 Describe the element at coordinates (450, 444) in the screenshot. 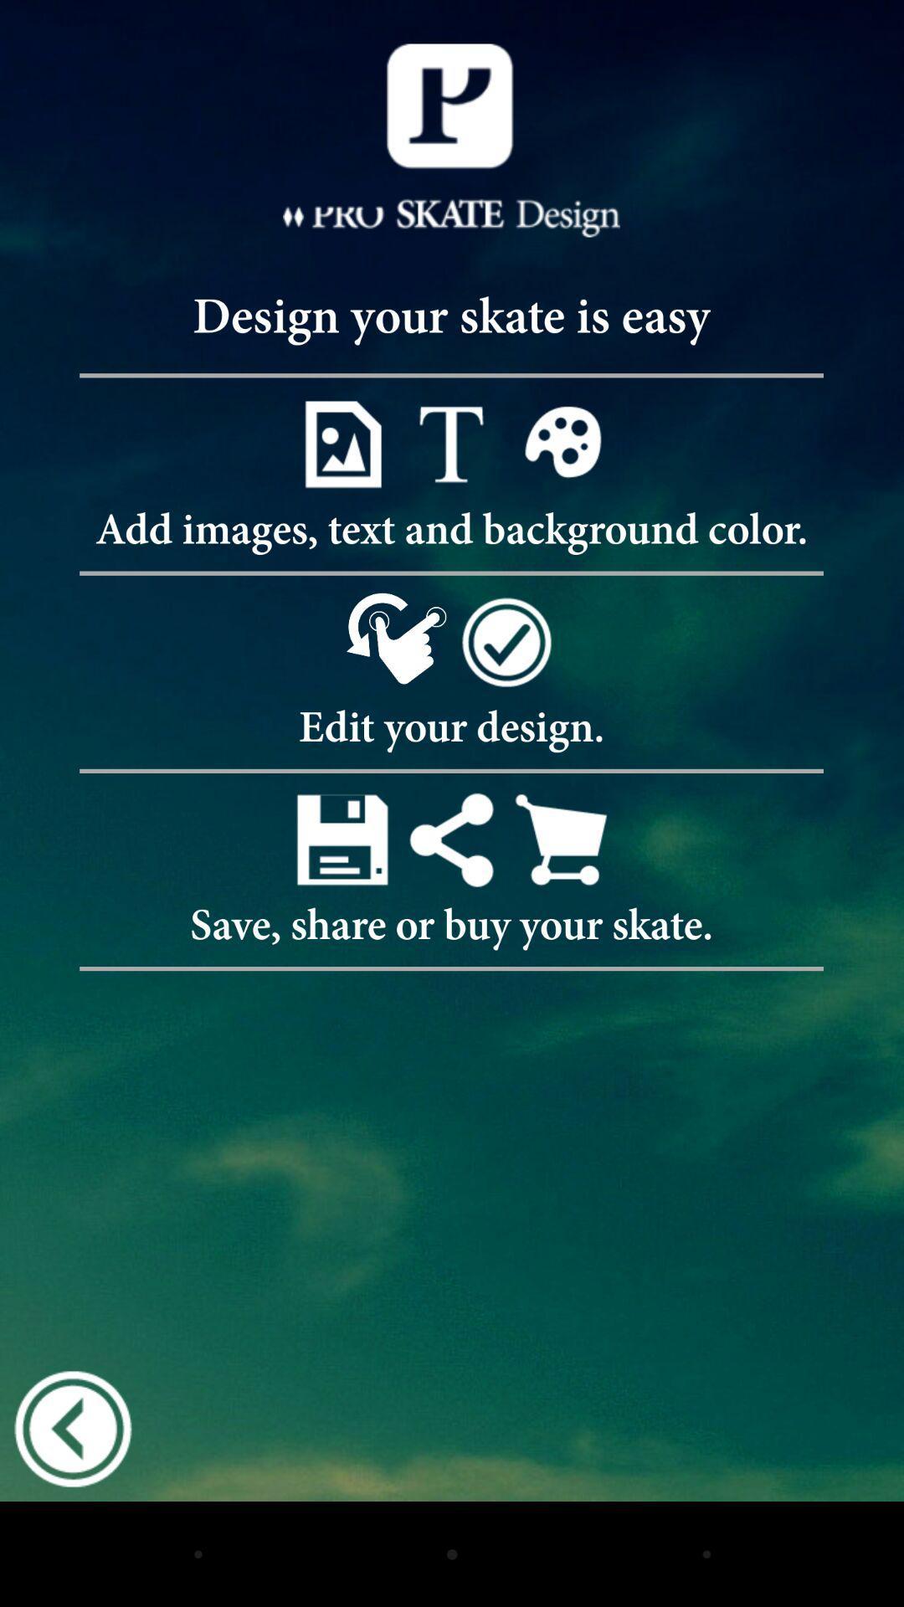

I see `option select` at that location.